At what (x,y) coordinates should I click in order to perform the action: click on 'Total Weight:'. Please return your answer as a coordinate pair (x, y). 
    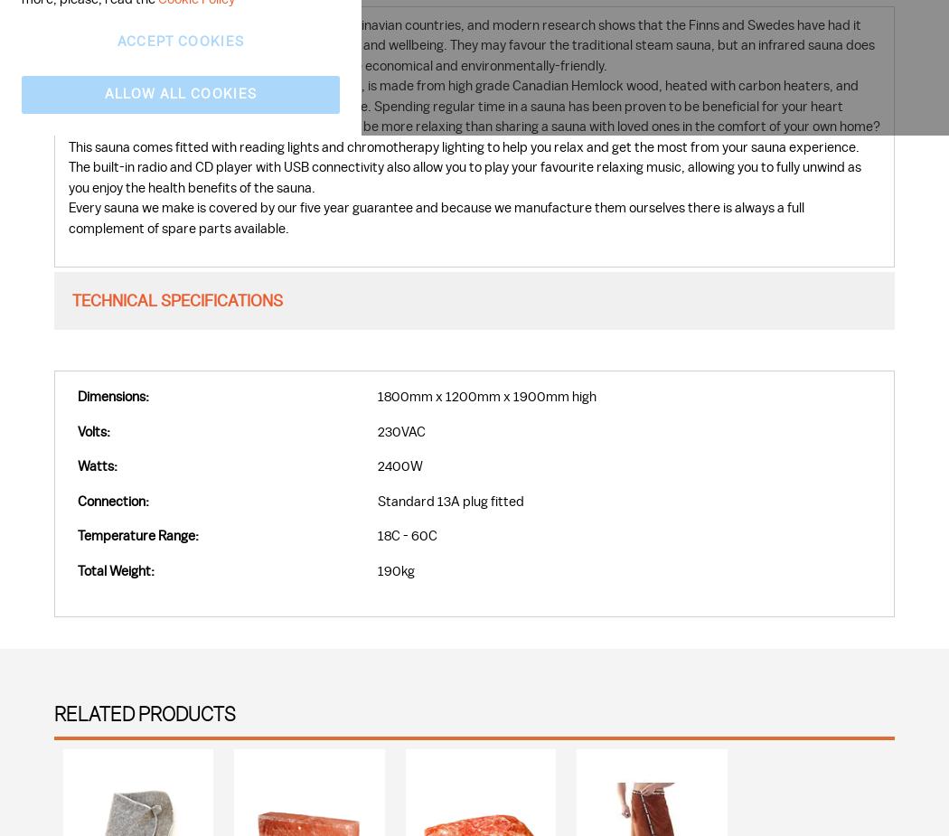
    Looking at the image, I should click on (115, 570).